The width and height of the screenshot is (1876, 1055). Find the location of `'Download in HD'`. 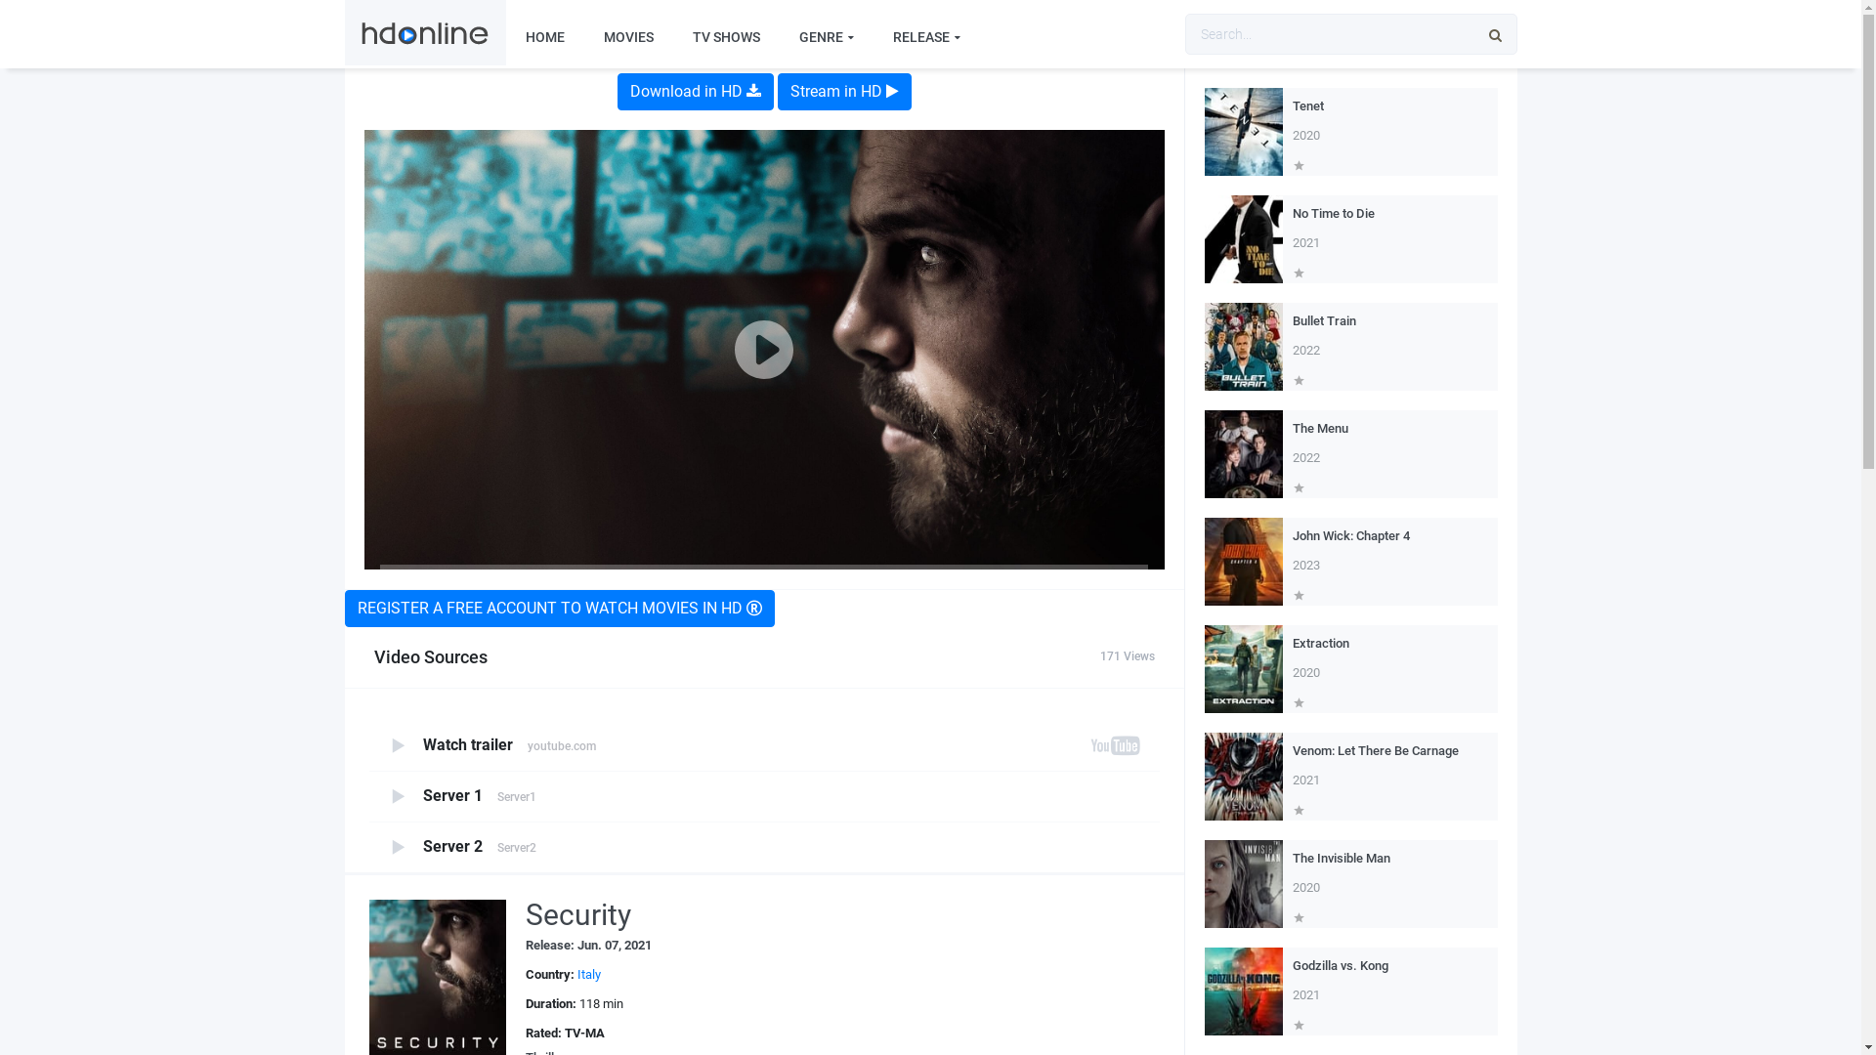

'Download in HD' is located at coordinates (695, 91).